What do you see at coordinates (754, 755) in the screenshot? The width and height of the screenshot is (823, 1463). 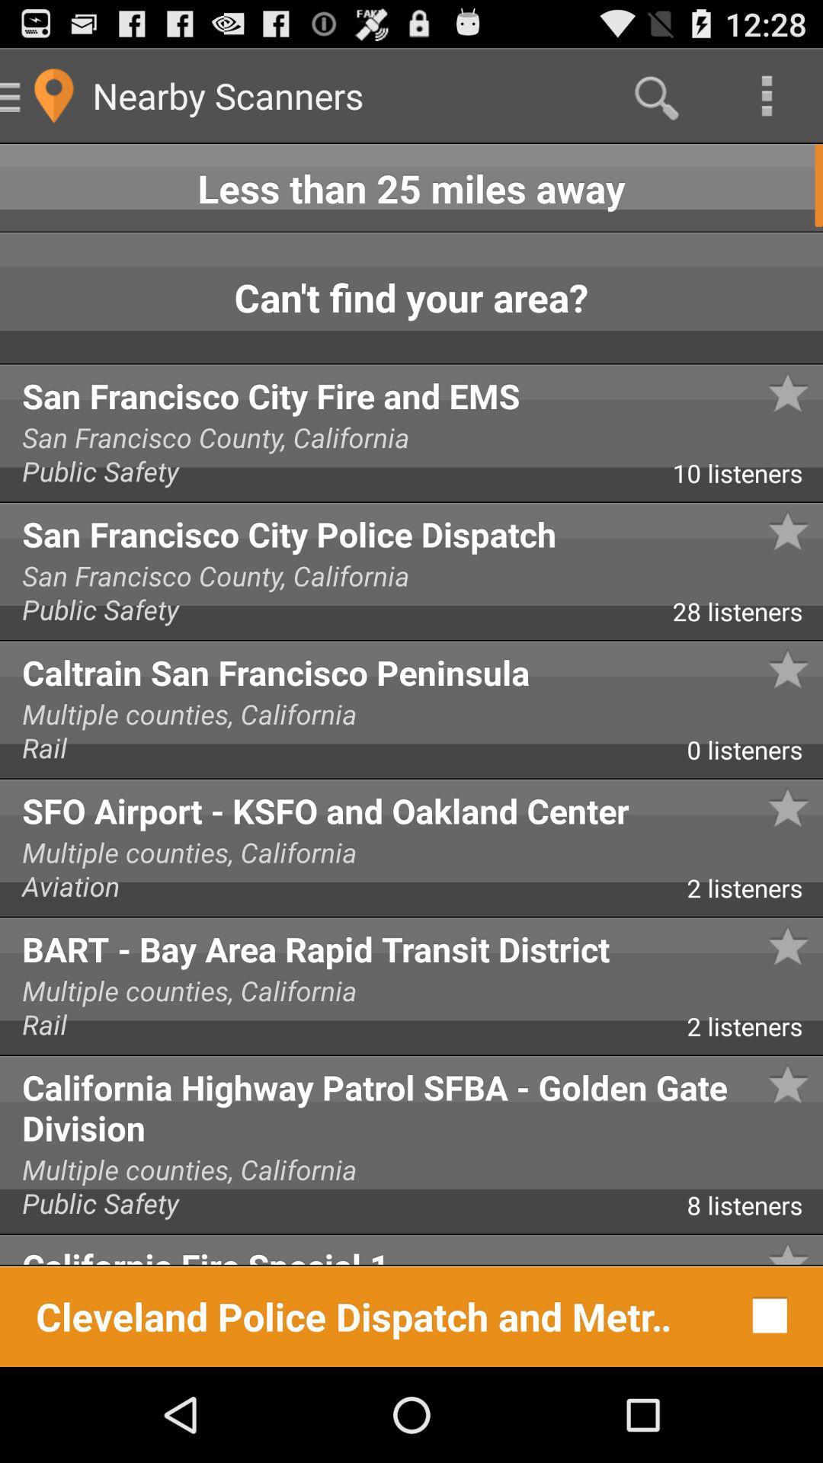 I see `the 0 listeners item` at bounding box center [754, 755].